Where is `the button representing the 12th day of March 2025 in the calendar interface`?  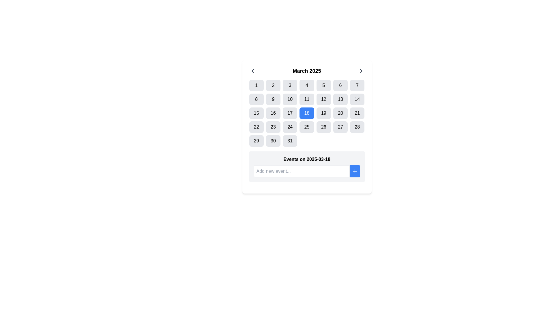 the button representing the 12th day of March 2025 in the calendar interface is located at coordinates (323, 99).